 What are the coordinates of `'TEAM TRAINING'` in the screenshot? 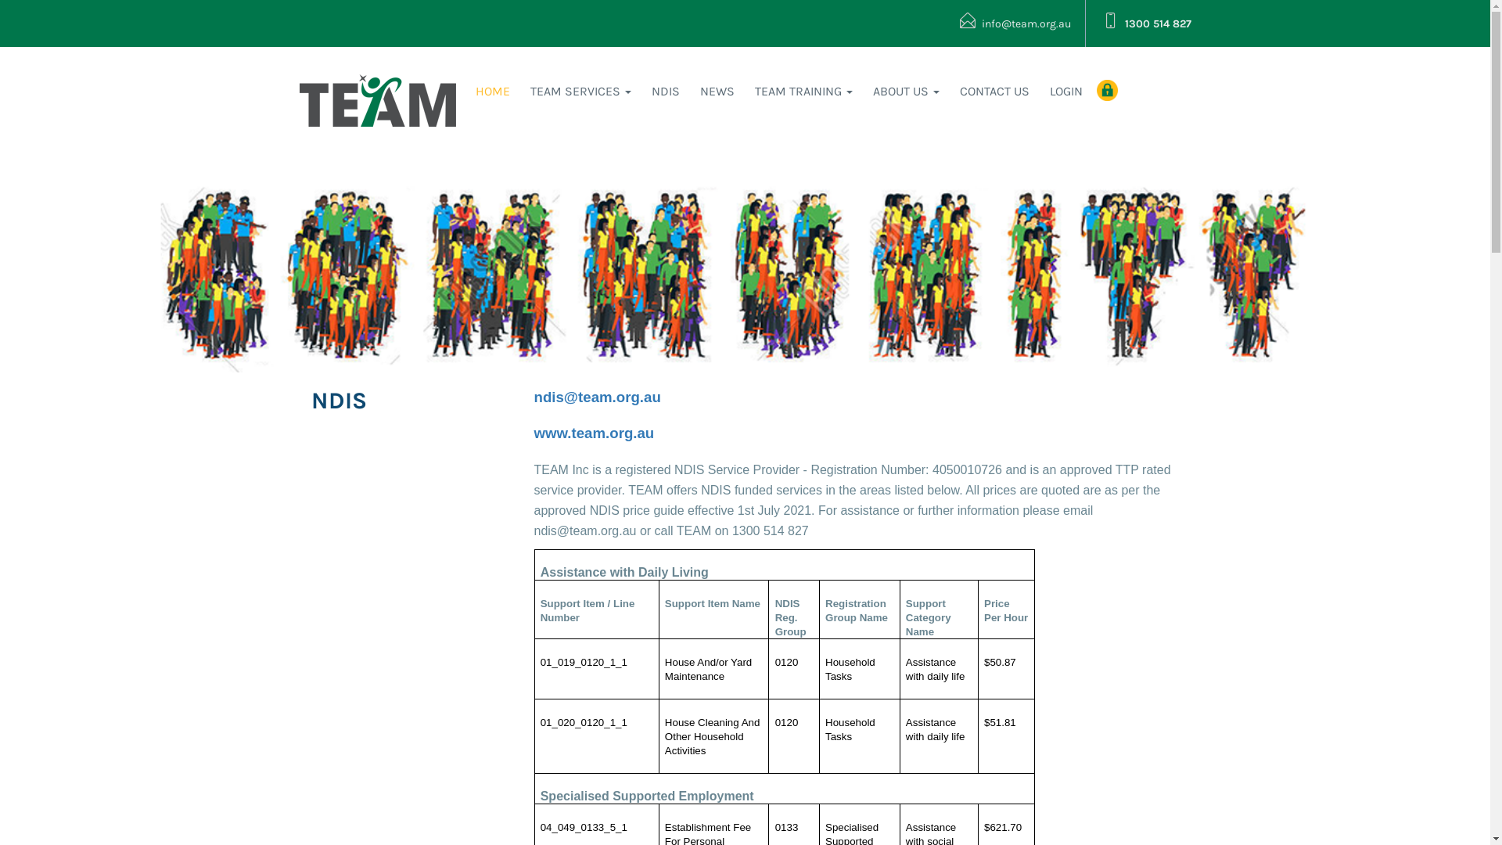 It's located at (803, 91).